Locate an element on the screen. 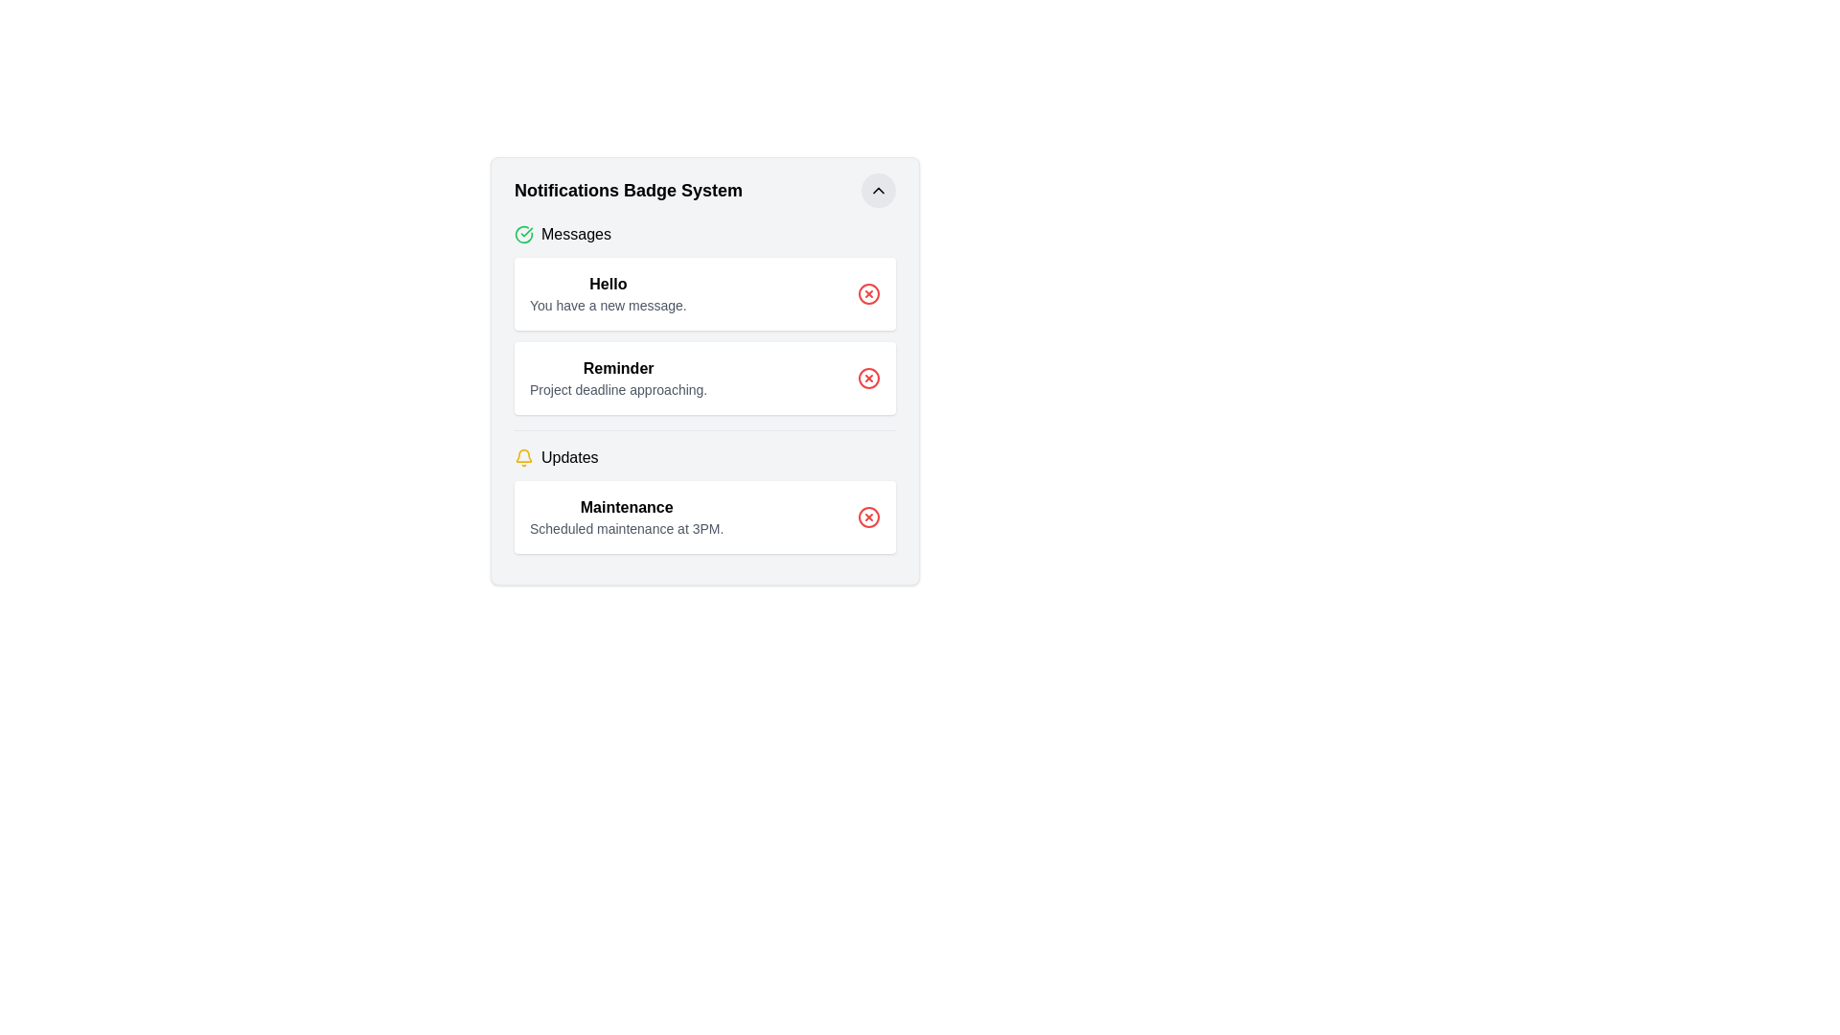 The height and width of the screenshot is (1035, 1840). the green checkmark icon inside a circle, which indicates a successful action, located to the left of the 'Messages' label in the notifications panel is located at coordinates (524, 234).